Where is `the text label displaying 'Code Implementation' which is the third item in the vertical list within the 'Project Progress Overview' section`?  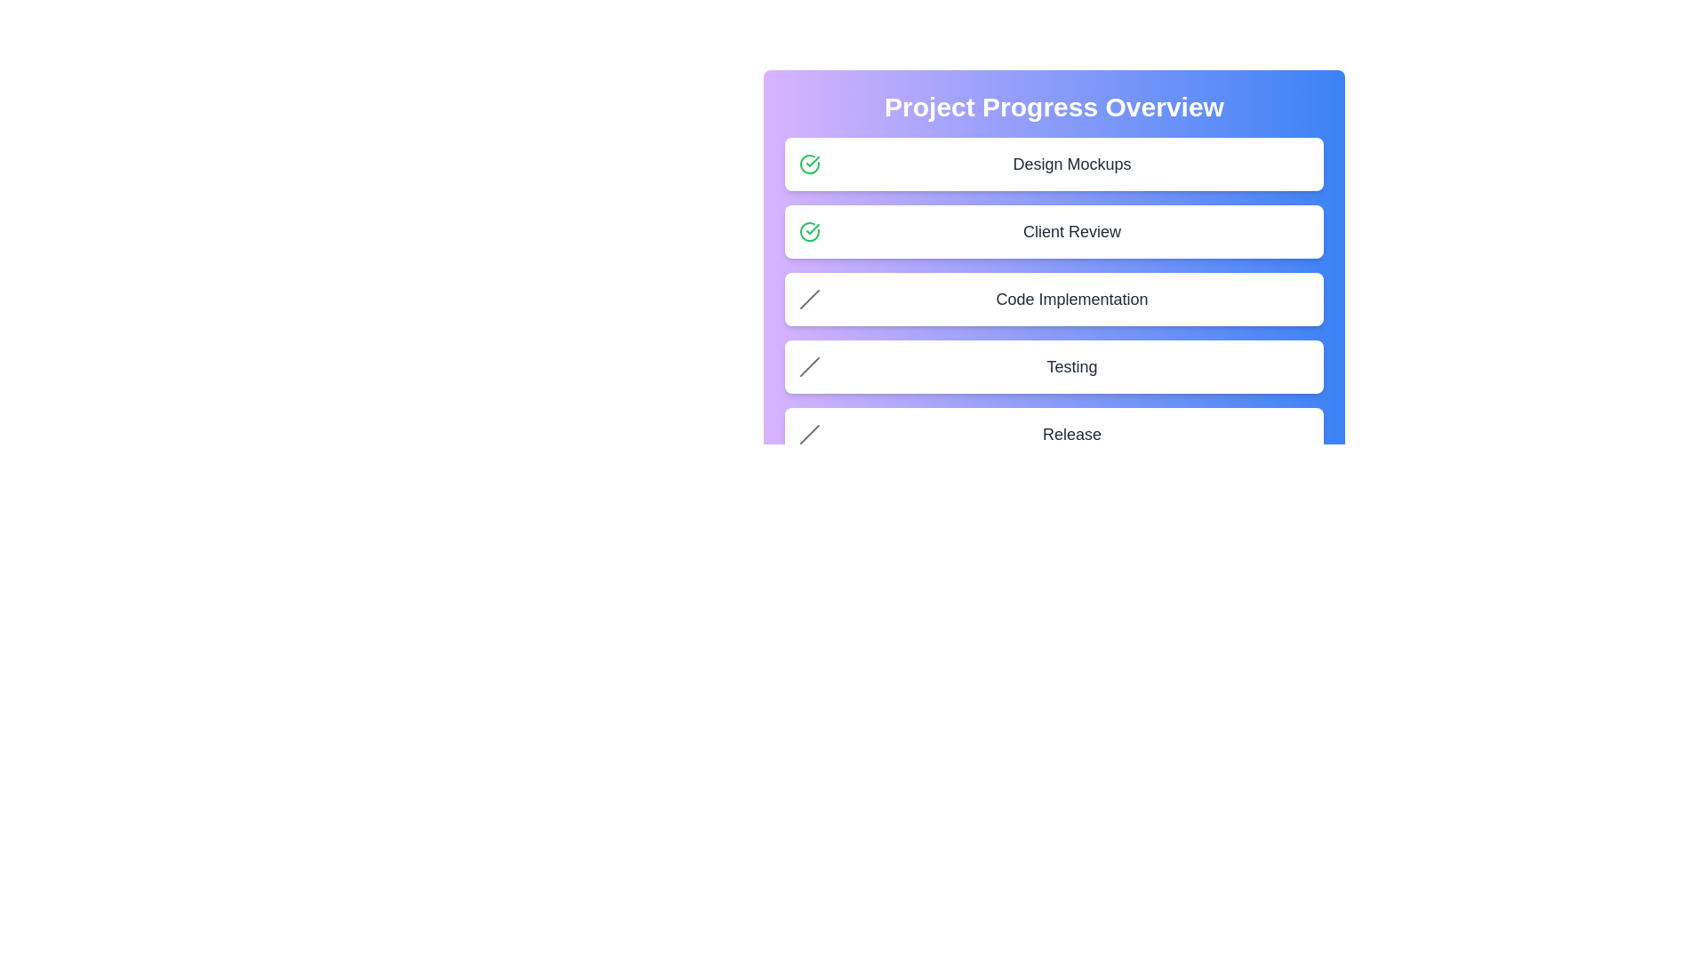 the text label displaying 'Code Implementation' which is the third item in the vertical list within the 'Project Progress Overview' section is located at coordinates (1070, 298).